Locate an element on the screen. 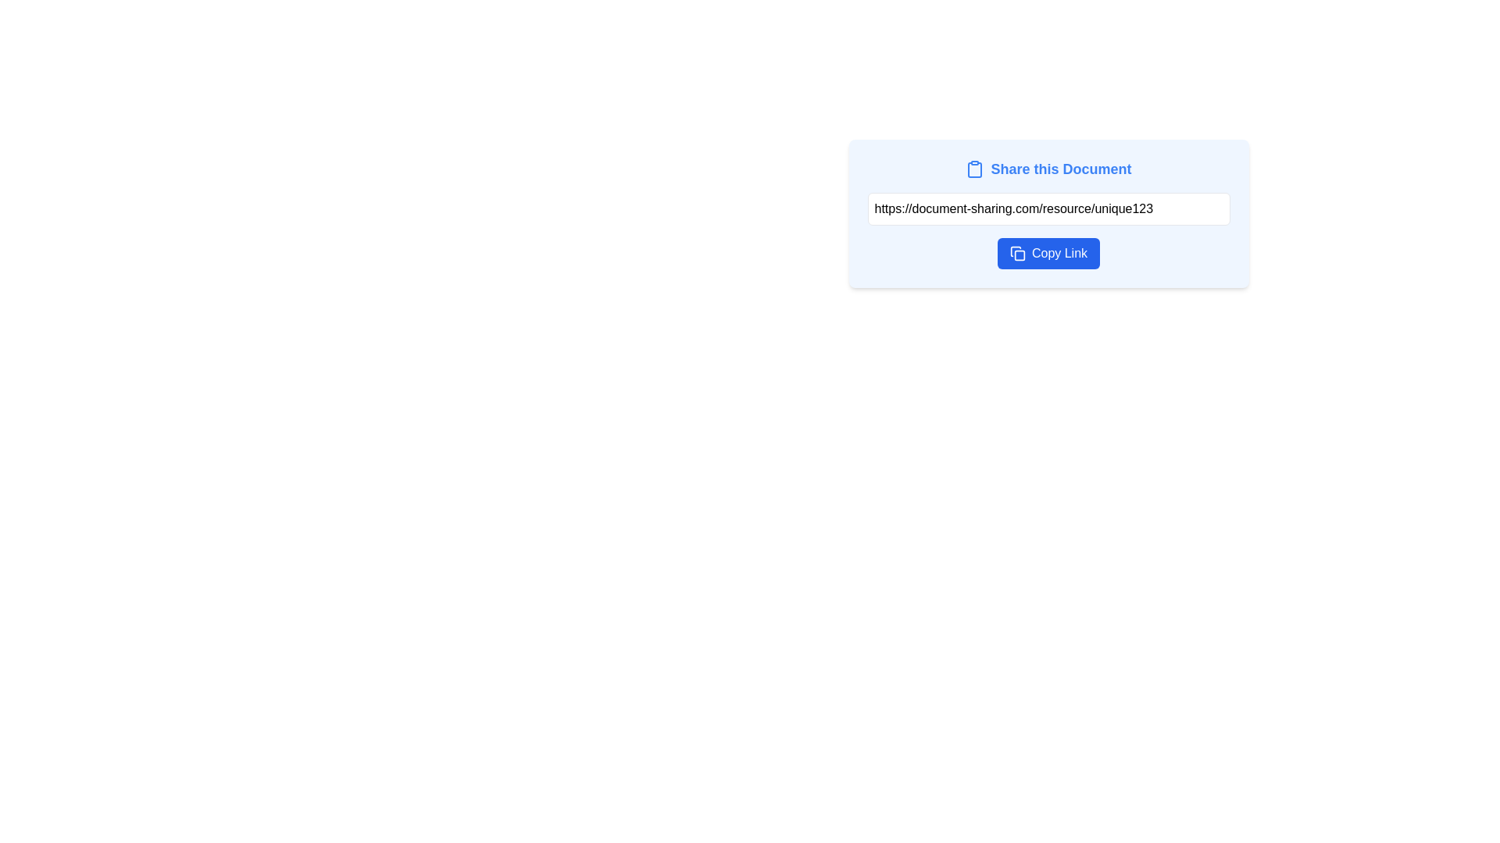 The height and width of the screenshot is (843, 1500). the readonly text input field displaying the URL 'https://document-sharing.com/resource/unique123' is located at coordinates (1048, 213).